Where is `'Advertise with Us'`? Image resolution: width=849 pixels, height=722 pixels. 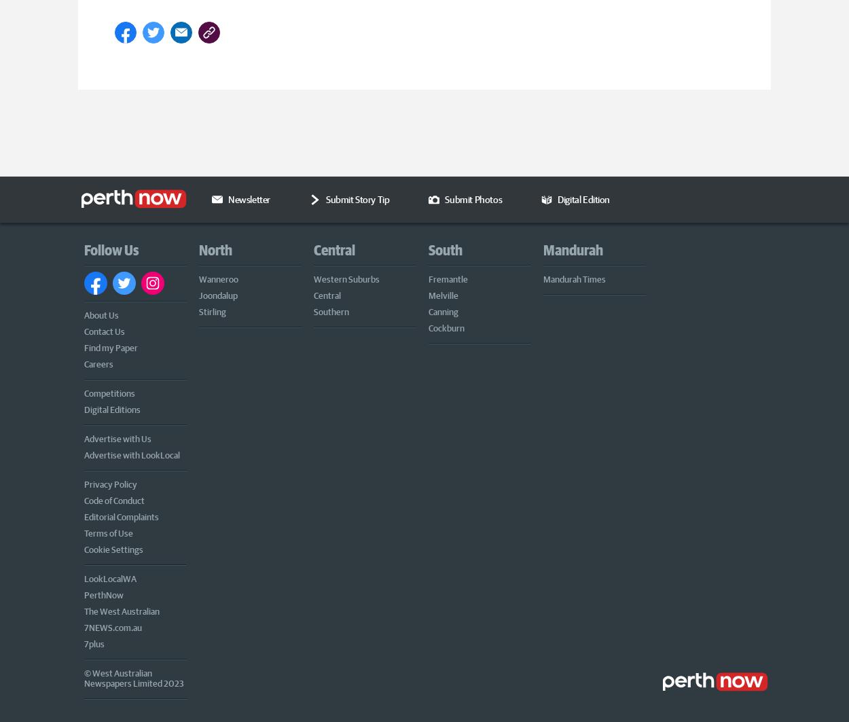
'Advertise with Us' is located at coordinates (84, 437).